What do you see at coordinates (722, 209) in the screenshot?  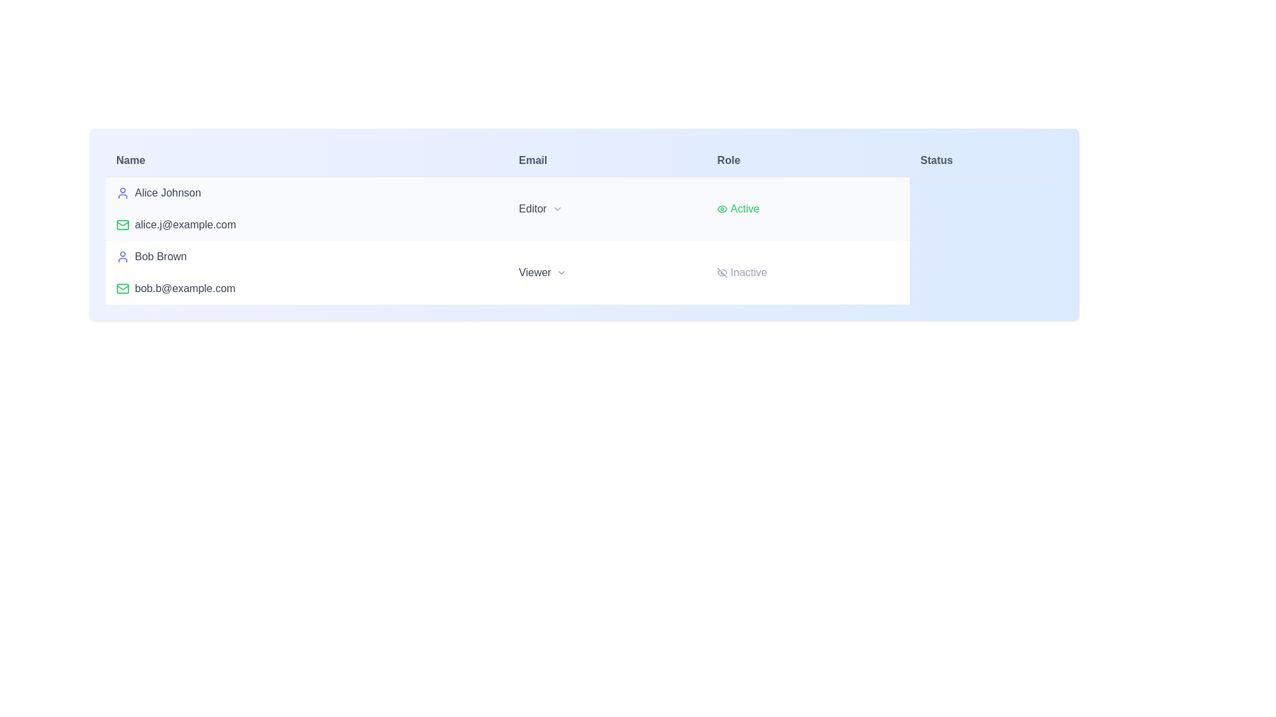 I see `the SVG icon indicating 'Active' status, located in the 'Role' column of the user details table, next to the 'Active' label` at bounding box center [722, 209].